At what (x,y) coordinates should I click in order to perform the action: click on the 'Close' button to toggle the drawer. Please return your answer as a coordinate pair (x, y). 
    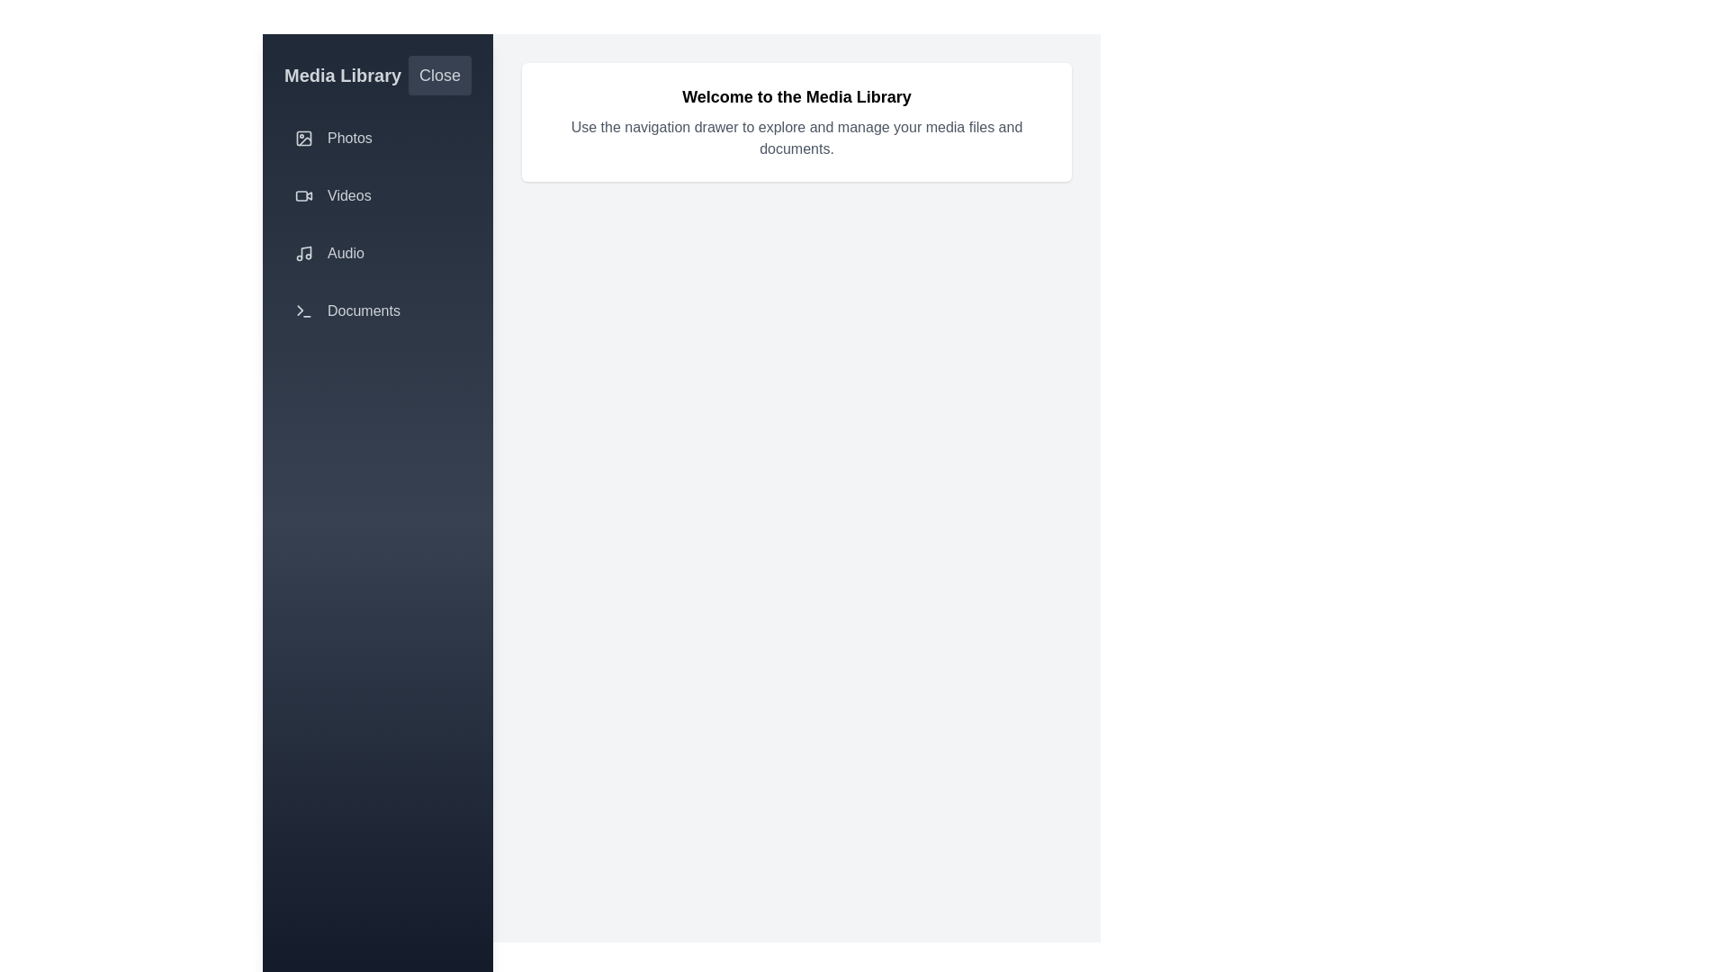
    Looking at the image, I should click on (440, 75).